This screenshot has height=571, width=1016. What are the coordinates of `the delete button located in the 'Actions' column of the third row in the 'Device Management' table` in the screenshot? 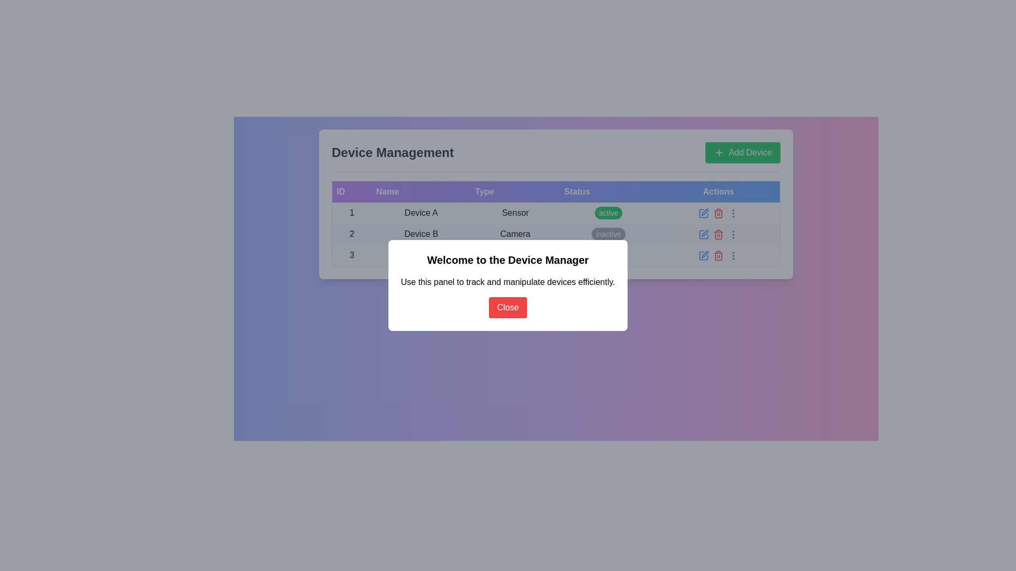 It's located at (719, 255).